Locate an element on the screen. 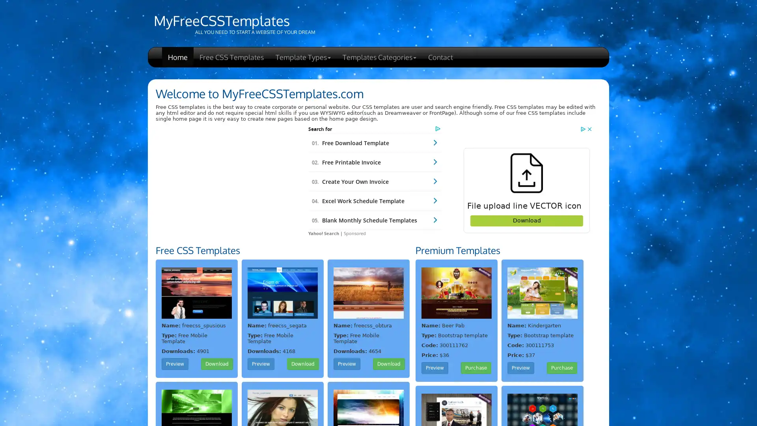  Purchase is located at coordinates (475, 368).